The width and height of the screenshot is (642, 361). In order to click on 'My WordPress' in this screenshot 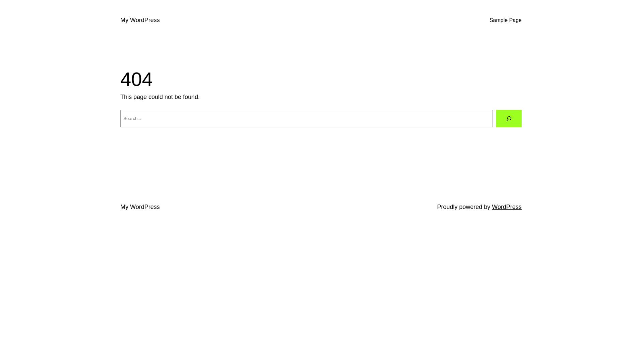, I will do `click(139, 206)`.